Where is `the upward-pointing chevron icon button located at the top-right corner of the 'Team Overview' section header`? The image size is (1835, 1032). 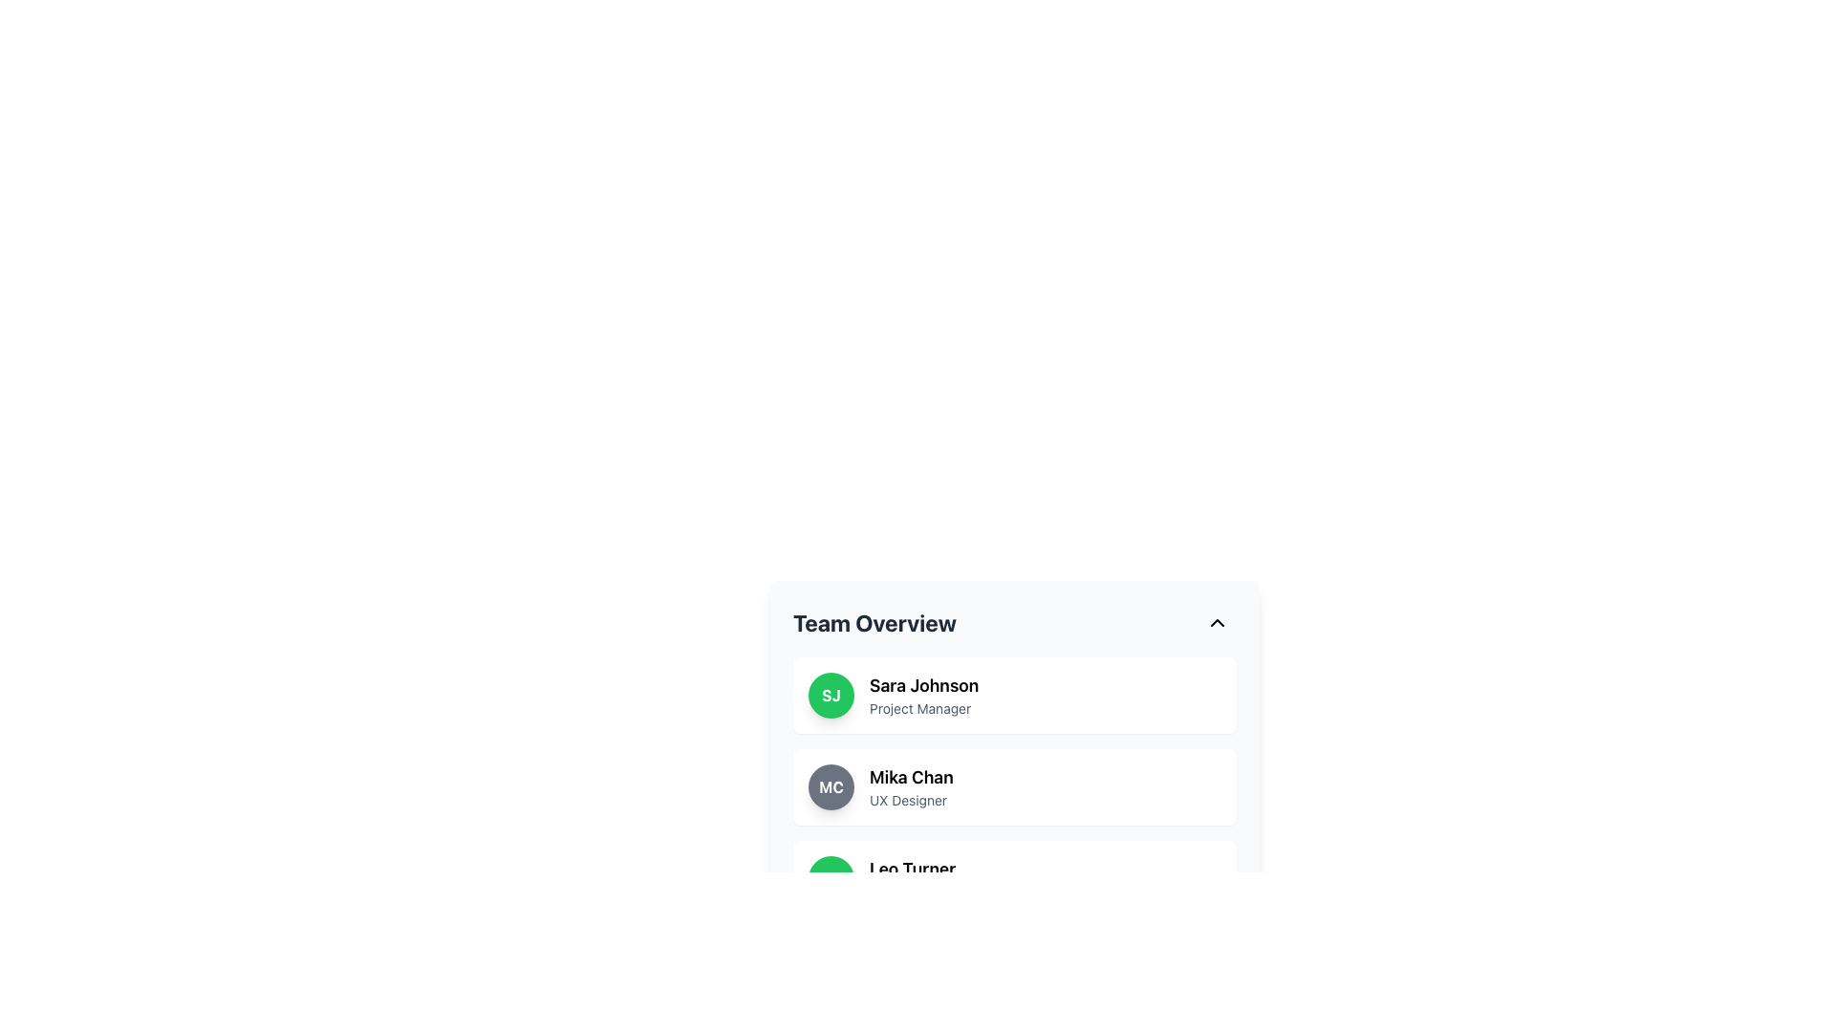 the upward-pointing chevron icon button located at the top-right corner of the 'Team Overview' section header is located at coordinates (1216, 622).